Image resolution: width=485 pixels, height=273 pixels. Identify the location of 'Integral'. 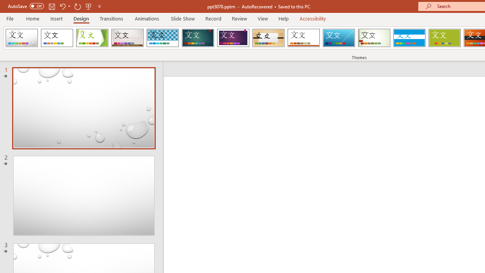
(162, 38).